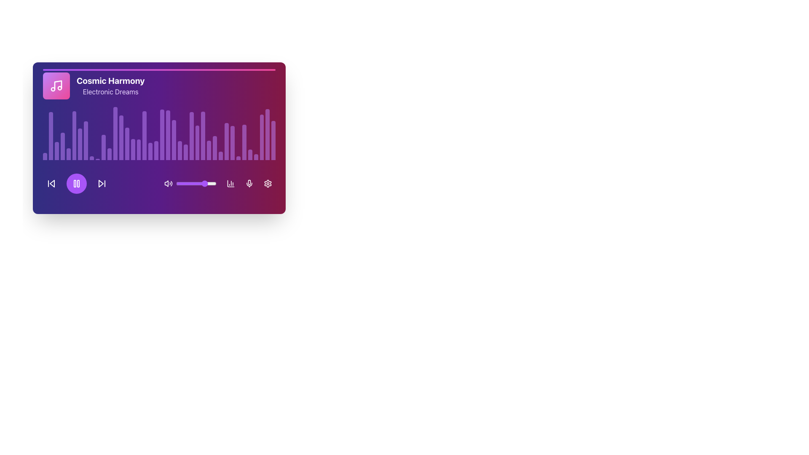  What do you see at coordinates (121, 137) in the screenshot?
I see `the fourteenth purple Visual representation bar in the histogram under the title 'Cosmic Harmony'` at bounding box center [121, 137].